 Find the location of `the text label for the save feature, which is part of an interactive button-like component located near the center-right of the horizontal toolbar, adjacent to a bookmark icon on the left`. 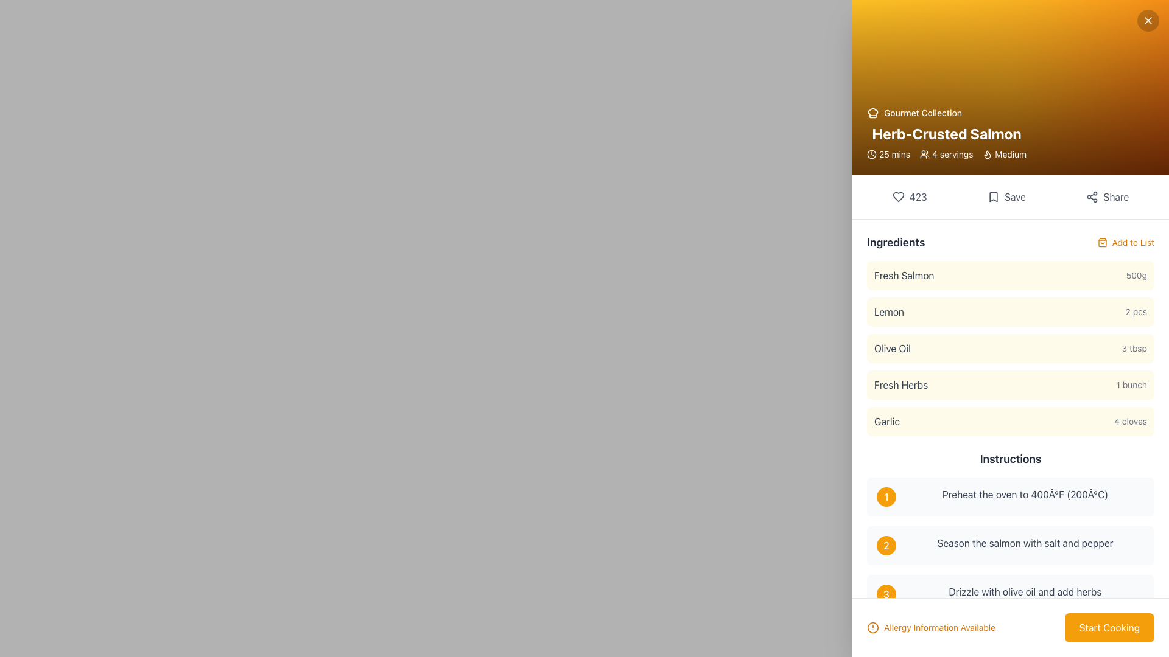

the text label for the save feature, which is part of an interactive button-like component located near the center-right of the horizontal toolbar, adjacent to a bookmark icon on the left is located at coordinates (1015, 196).